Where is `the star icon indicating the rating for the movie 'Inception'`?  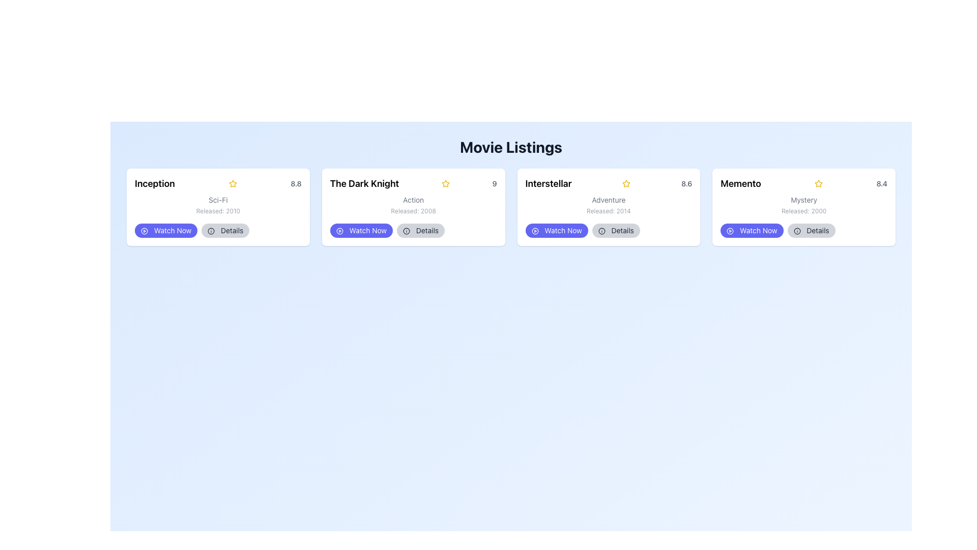 the star icon indicating the rating for the movie 'Inception' is located at coordinates (232, 184).